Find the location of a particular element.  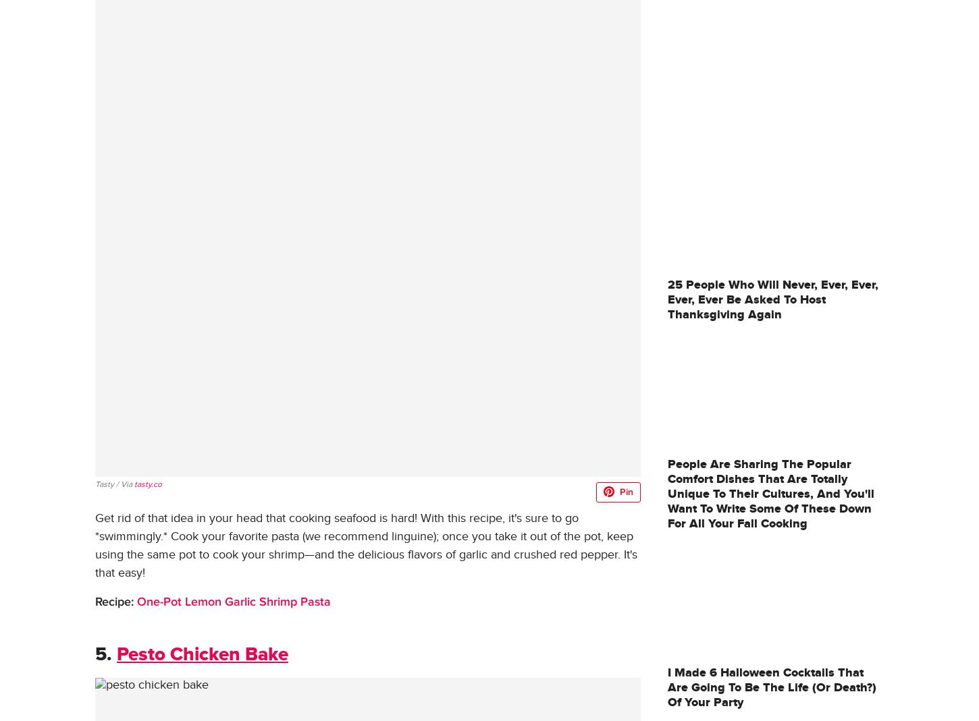

'Recipe:' is located at coordinates (113, 600).